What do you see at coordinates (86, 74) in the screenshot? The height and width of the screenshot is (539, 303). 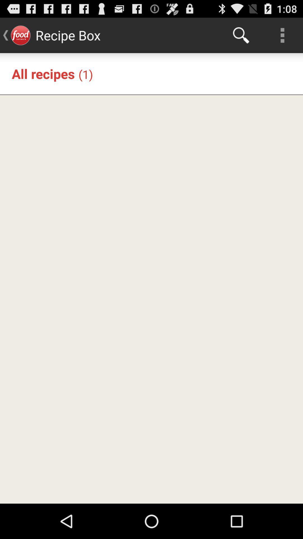 I see `icon below the recipe box app` at bounding box center [86, 74].